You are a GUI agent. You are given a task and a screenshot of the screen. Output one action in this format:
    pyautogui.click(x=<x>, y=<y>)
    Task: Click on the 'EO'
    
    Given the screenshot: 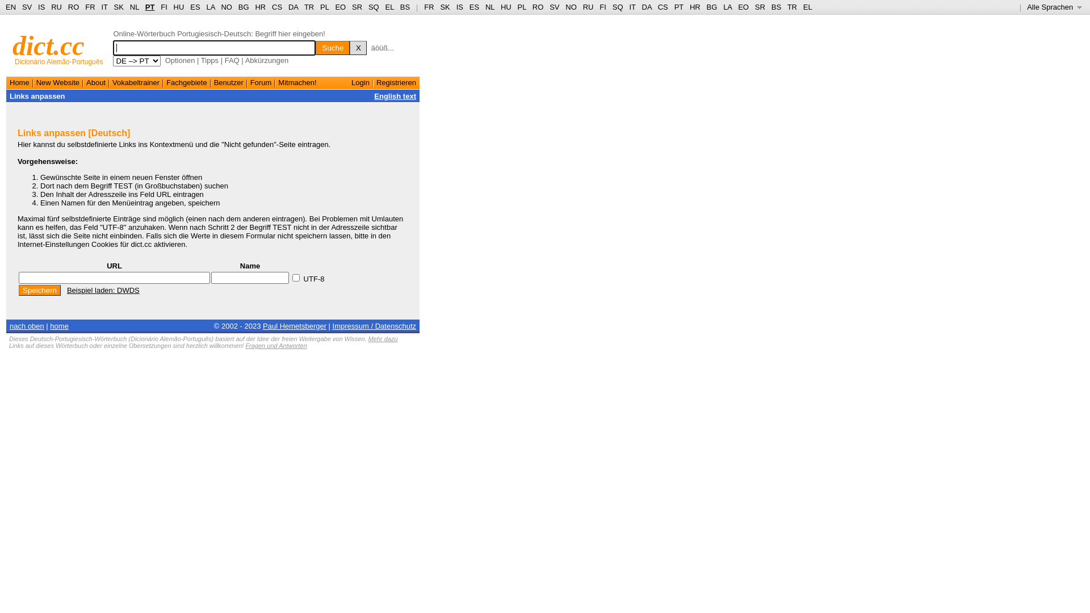 What is the action you would take?
    pyautogui.click(x=743, y=7)
    